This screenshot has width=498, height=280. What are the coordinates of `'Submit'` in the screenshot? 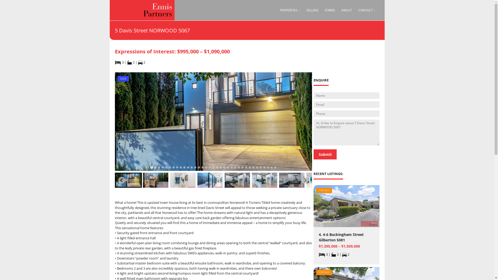 It's located at (325, 154).